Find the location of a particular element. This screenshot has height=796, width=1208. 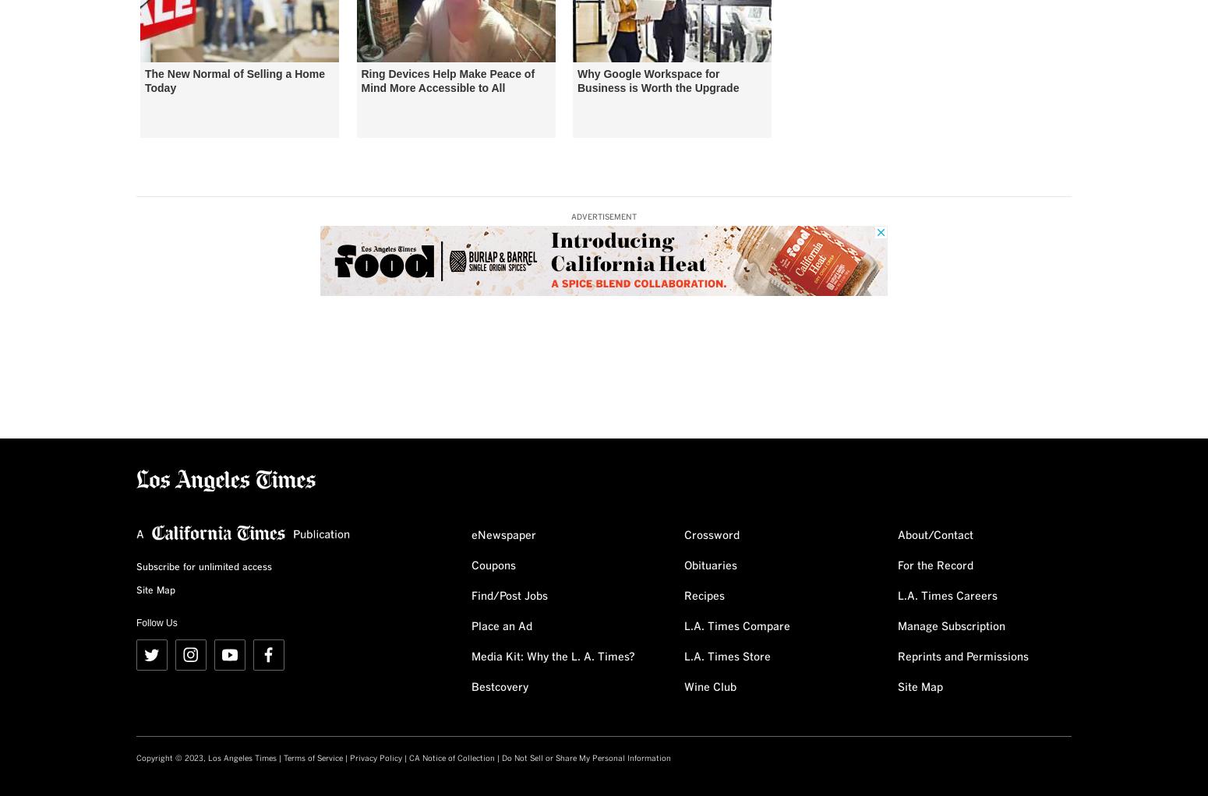

'Why Google Workspace for Business is Worth the Upgrade' is located at coordinates (657, 79).